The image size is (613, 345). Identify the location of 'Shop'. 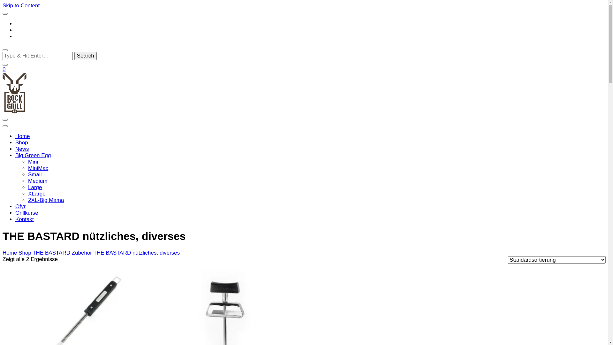
(21, 142).